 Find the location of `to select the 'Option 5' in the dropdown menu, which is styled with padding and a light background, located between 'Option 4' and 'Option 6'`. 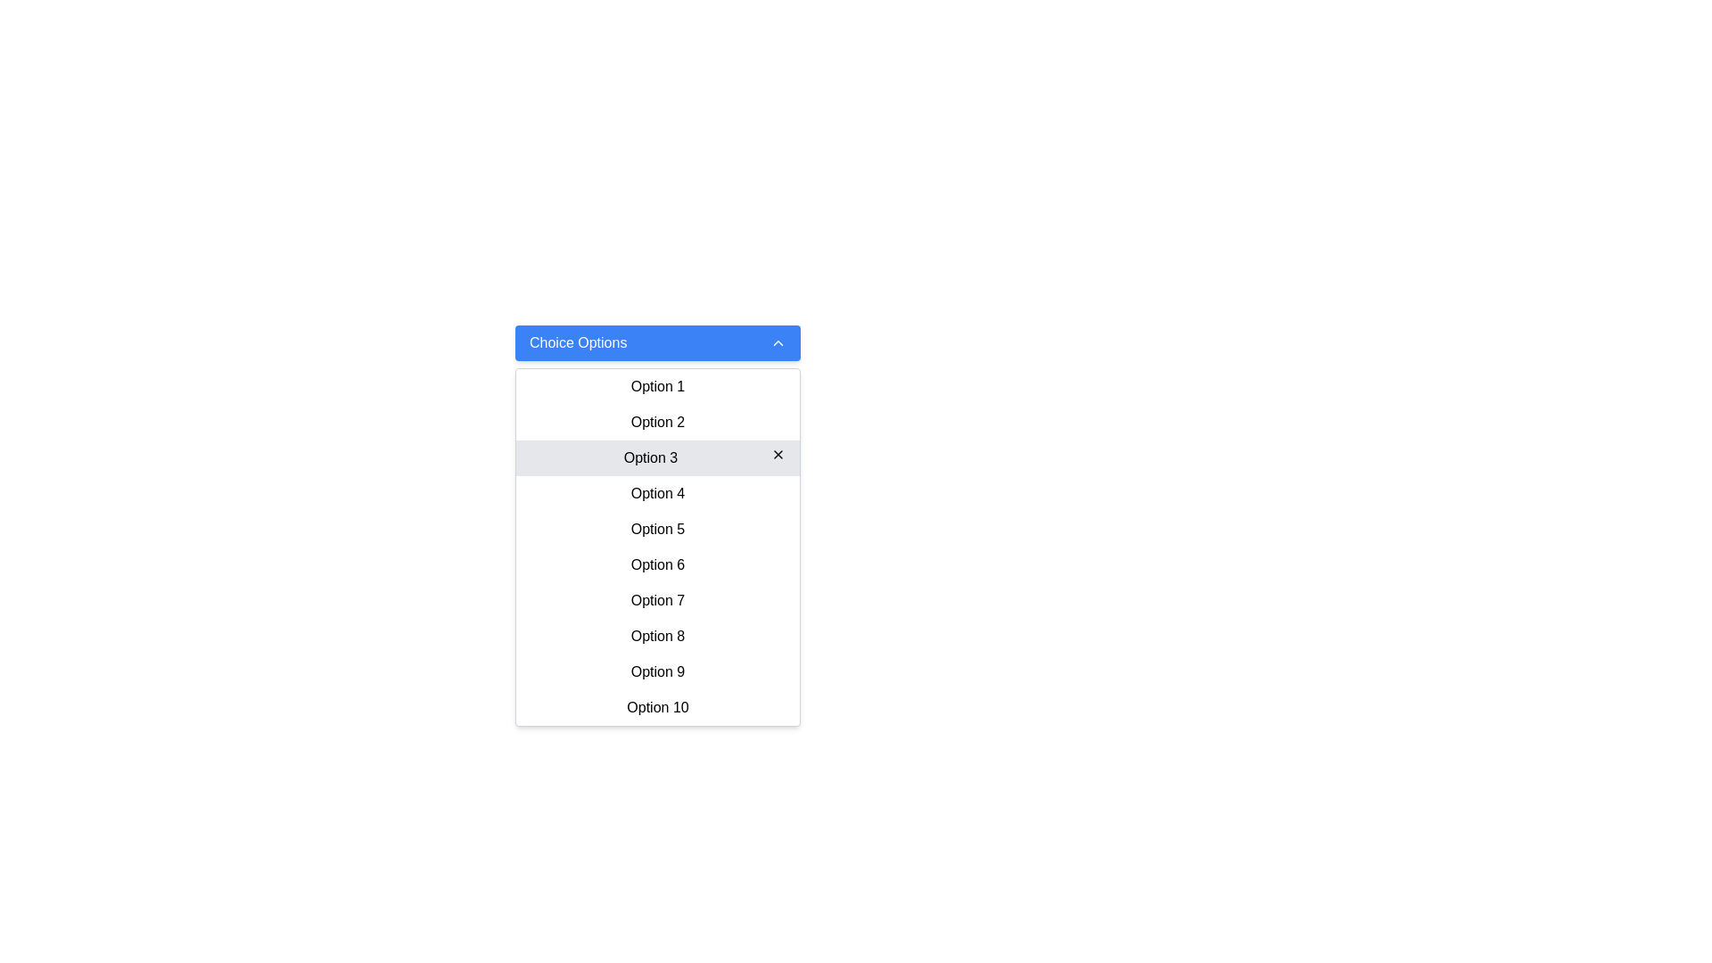

to select the 'Option 5' in the dropdown menu, which is styled with padding and a light background, located between 'Option 4' and 'Option 6' is located at coordinates (657, 529).